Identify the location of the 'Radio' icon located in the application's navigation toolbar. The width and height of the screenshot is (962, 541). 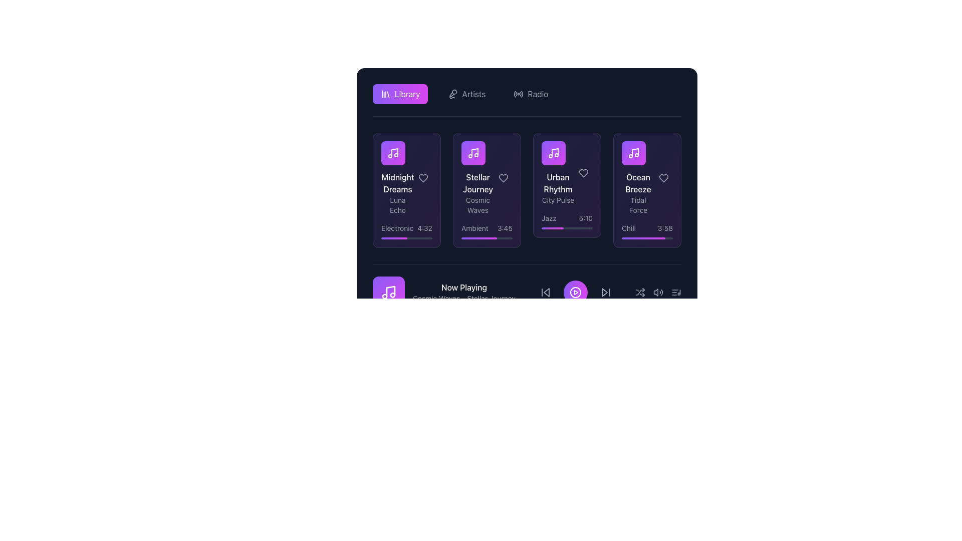
(519, 94).